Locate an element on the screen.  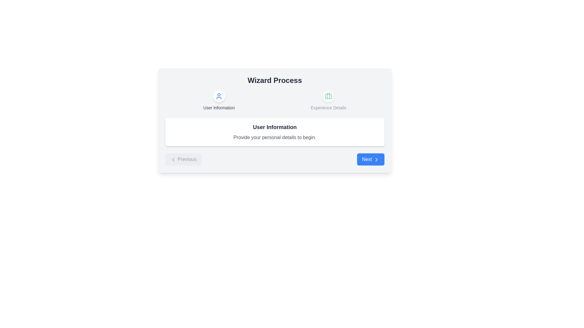
the chevron icon indicating 'next' navigation, located within the 'Next' button at the bottom-right corner of the card interface is located at coordinates (376, 159).